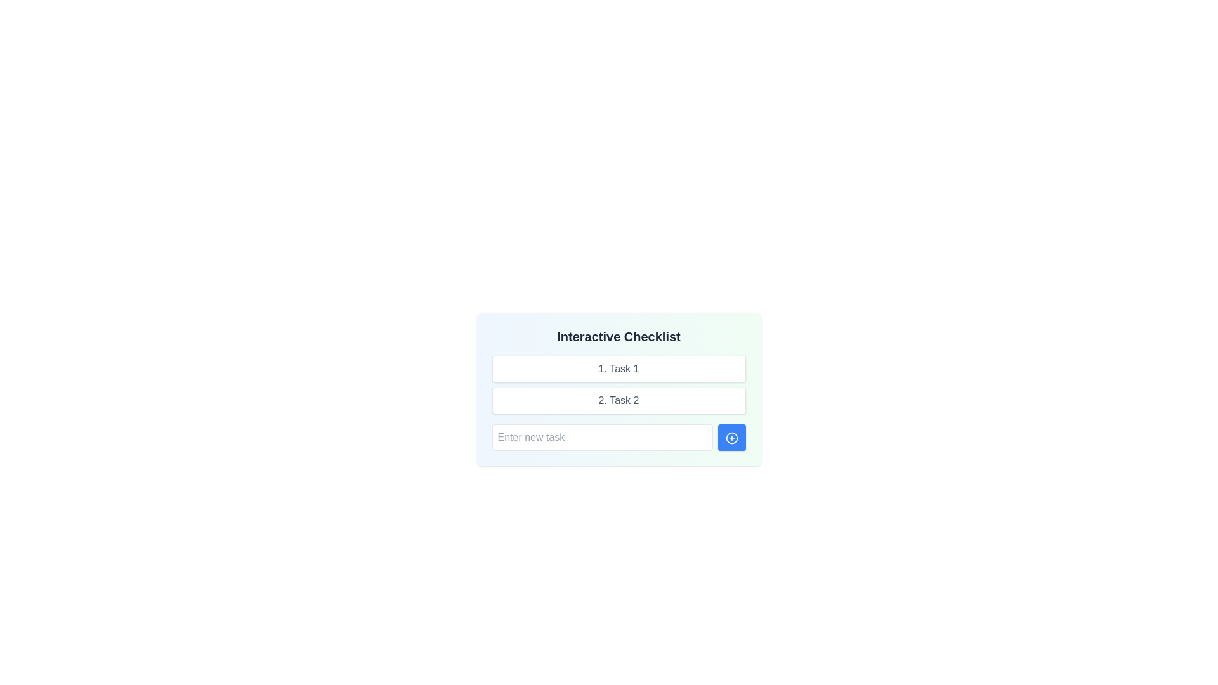 The width and height of the screenshot is (1218, 685). I want to click on the blue circular button with a white plus icon, so click(731, 437).